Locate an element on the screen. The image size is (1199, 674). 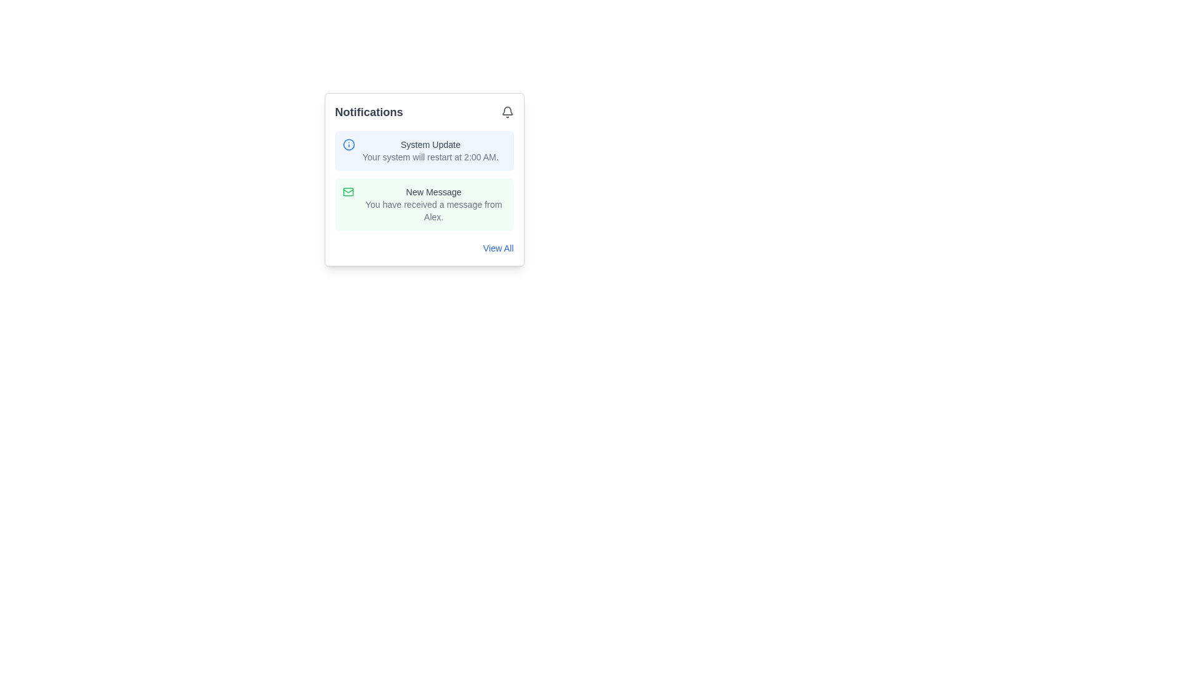
the text label that reads 'You have received a message from Alex.' located within a green-highlighted section of a notification card is located at coordinates (433, 210).